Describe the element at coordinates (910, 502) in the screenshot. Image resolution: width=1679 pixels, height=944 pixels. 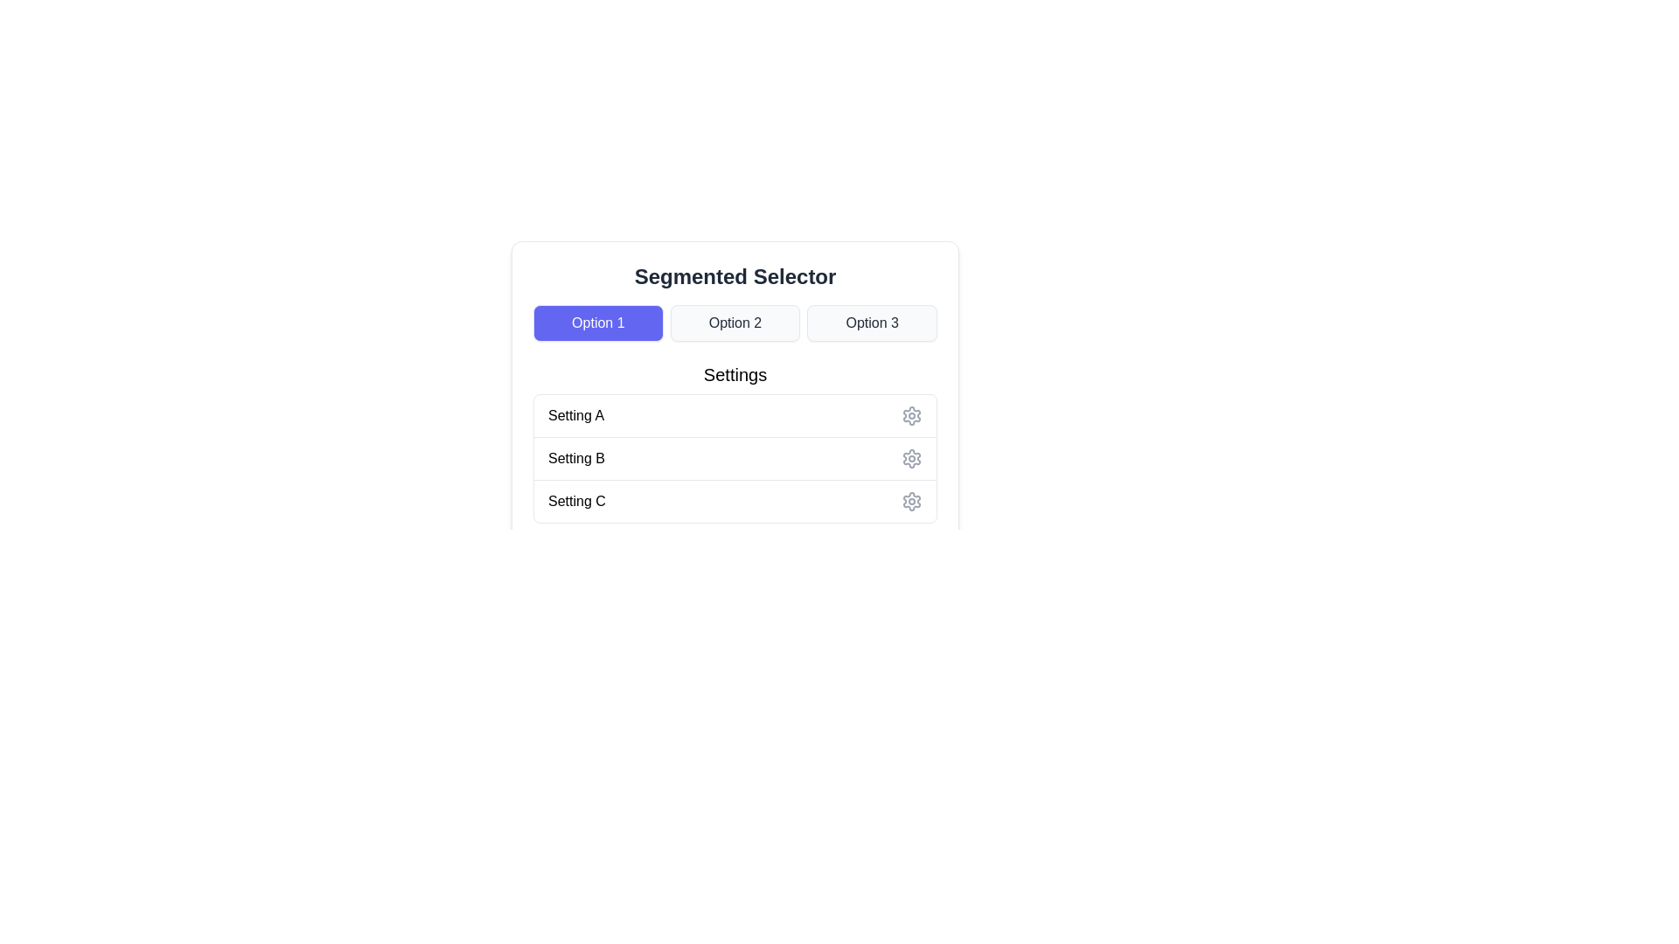
I see `the gear icon used for configuration located to the right of the 'Settings C' text label` at that location.